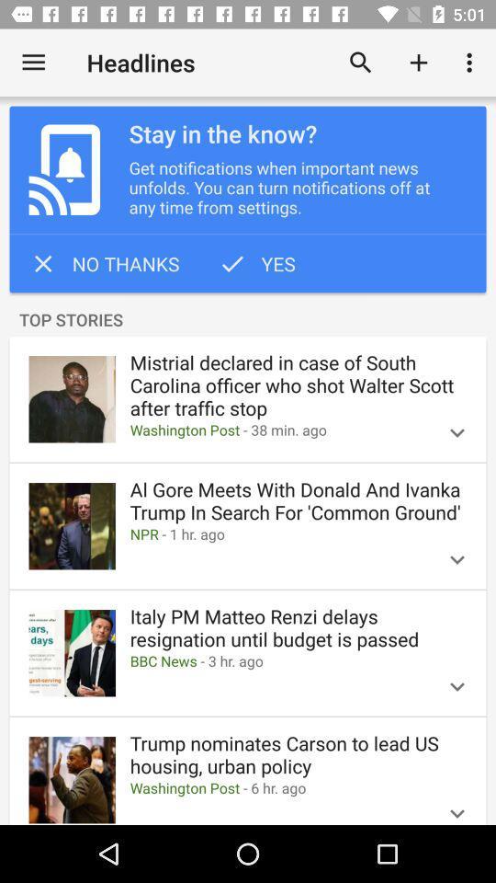 Image resolution: width=496 pixels, height=883 pixels. I want to click on icon above bbc news 3 item, so click(299, 628).